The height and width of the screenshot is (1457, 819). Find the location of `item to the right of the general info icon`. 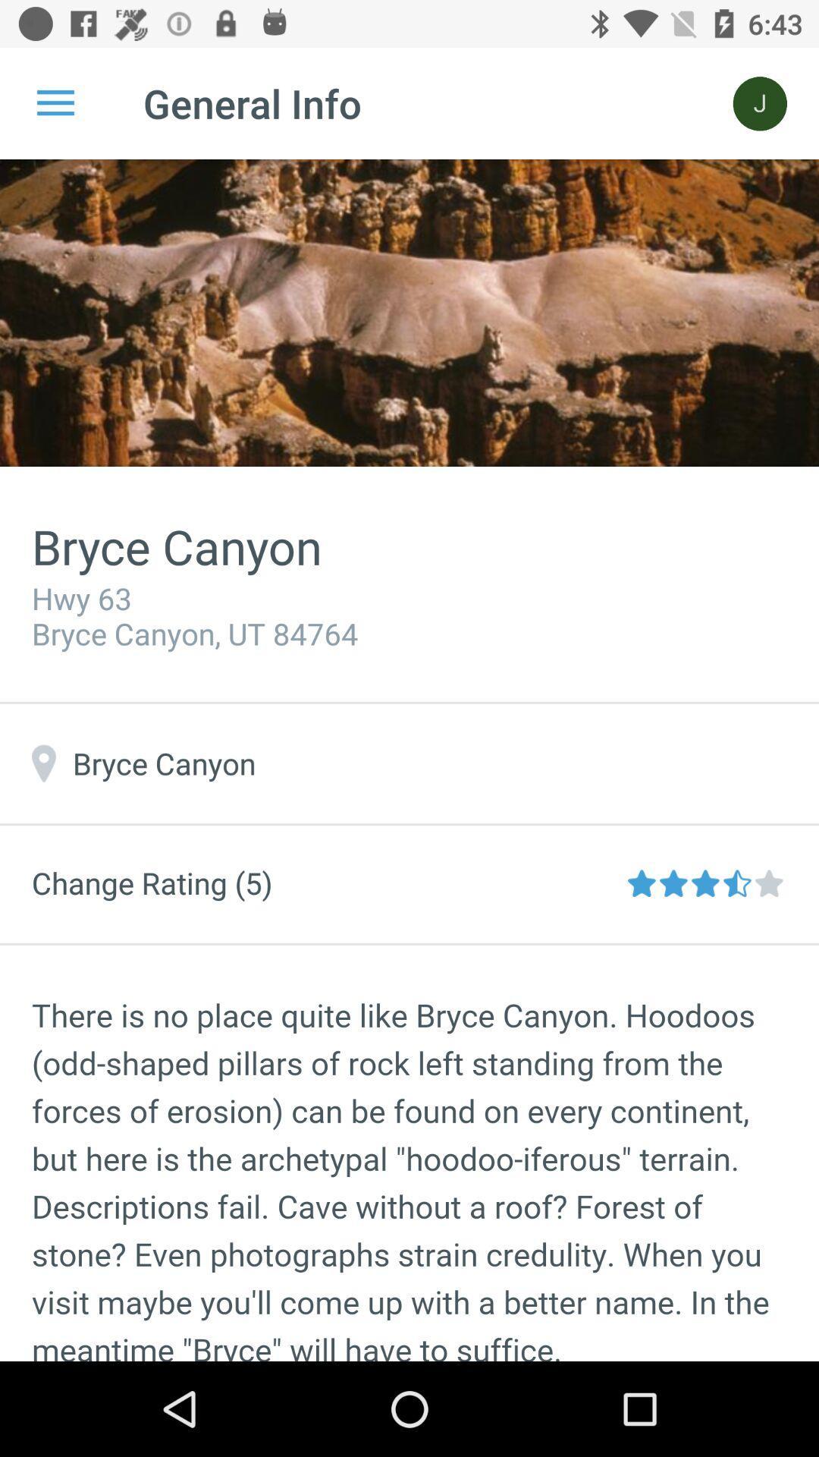

item to the right of the general info icon is located at coordinates (760, 102).